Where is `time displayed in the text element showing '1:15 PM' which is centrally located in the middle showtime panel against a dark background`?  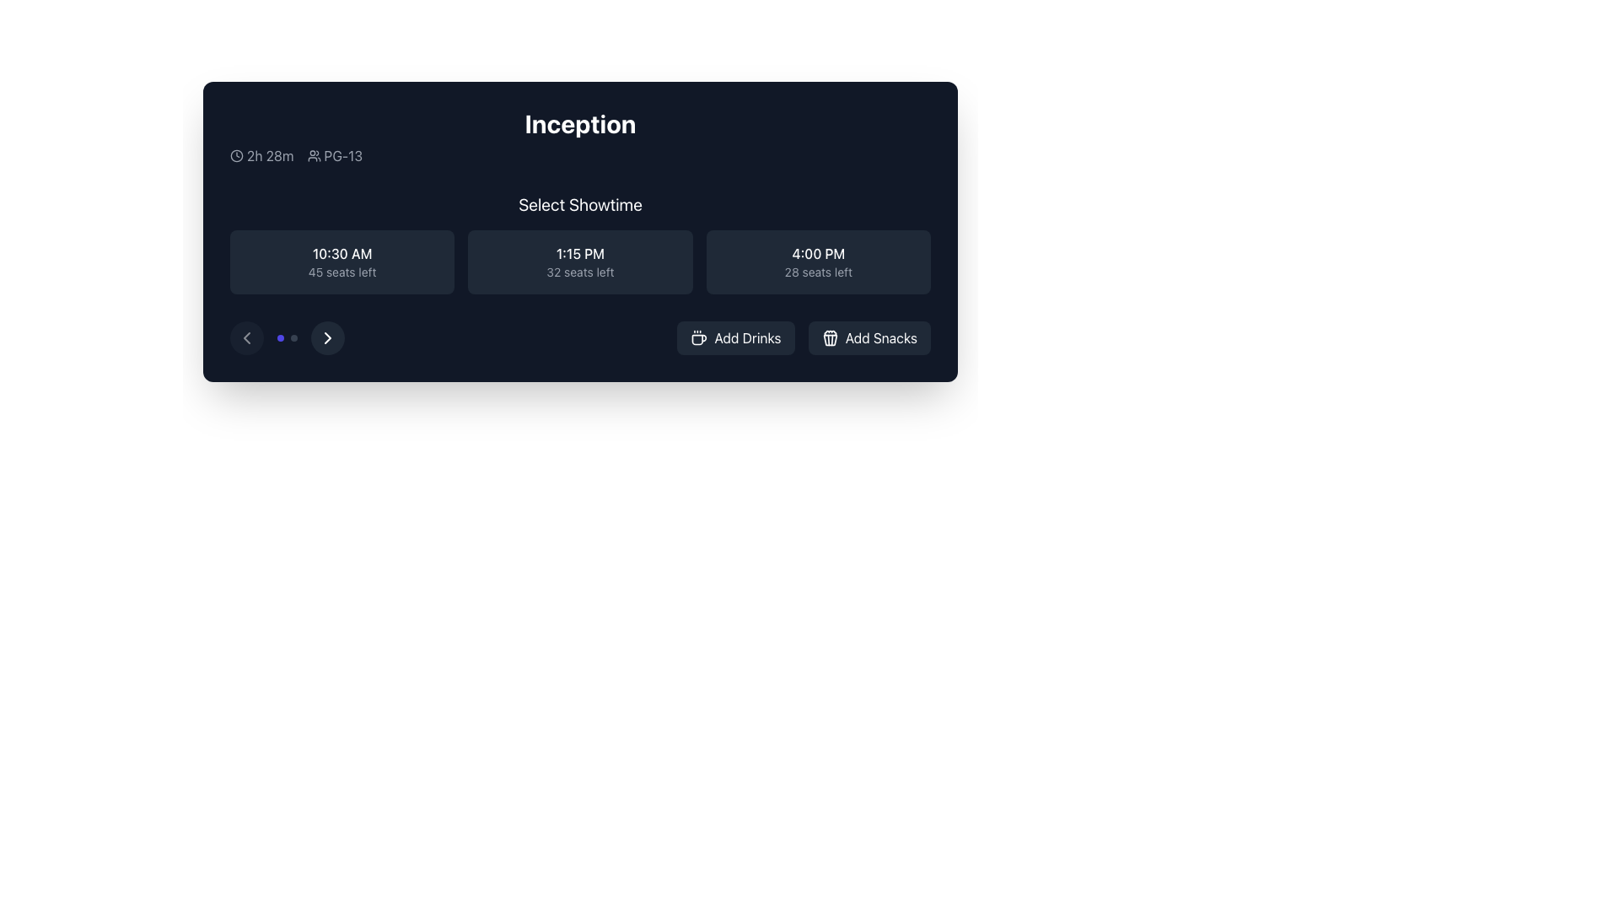
time displayed in the text element showing '1:15 PM' which is centrally located in the middle showtime panel against a dark background is located at coordinates (580, 253).